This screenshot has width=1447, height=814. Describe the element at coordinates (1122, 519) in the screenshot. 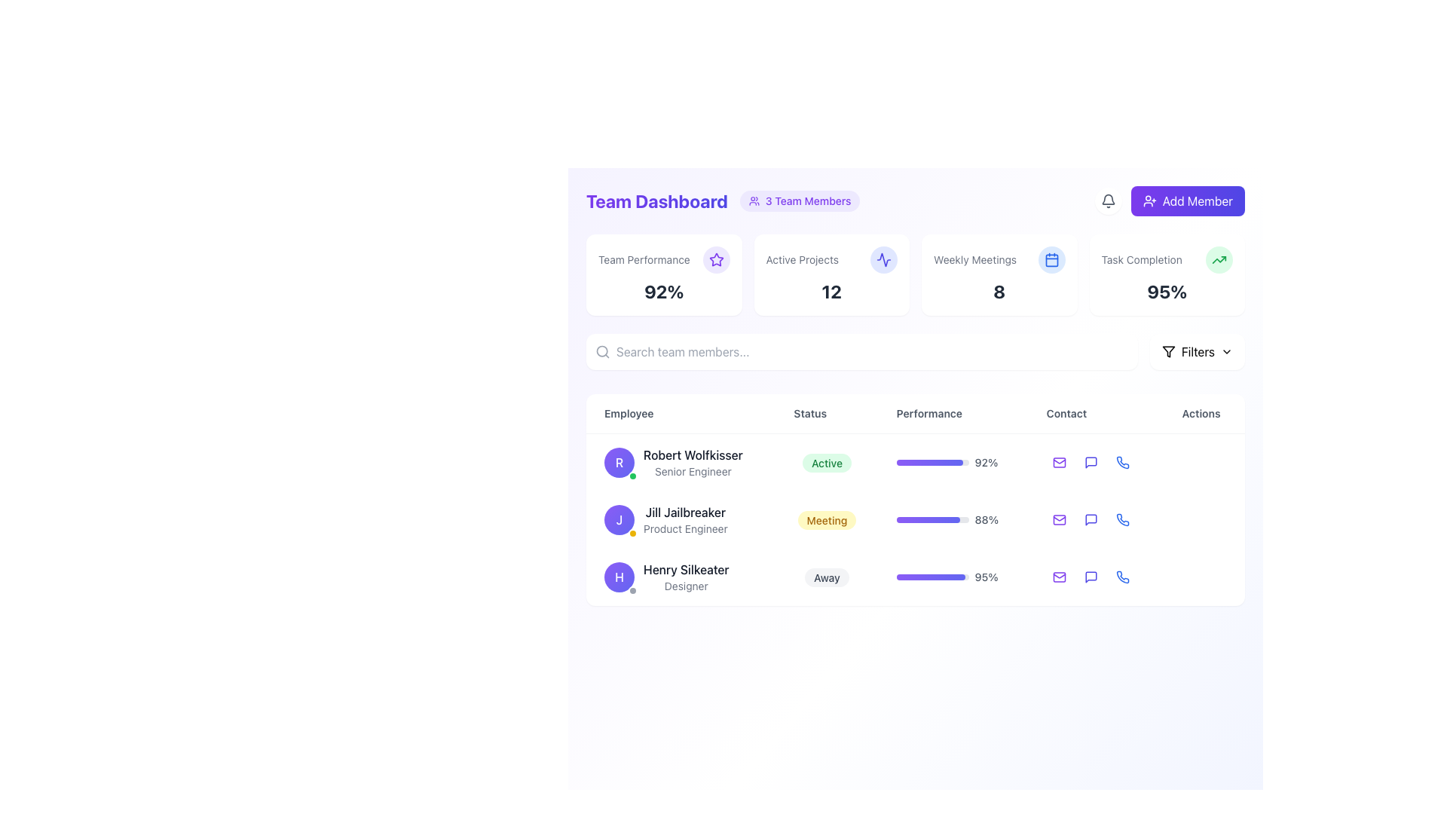

I see `the phone call icon for 'Henry Silkeater Designer' in the Contact column of the dashboard` at that location.